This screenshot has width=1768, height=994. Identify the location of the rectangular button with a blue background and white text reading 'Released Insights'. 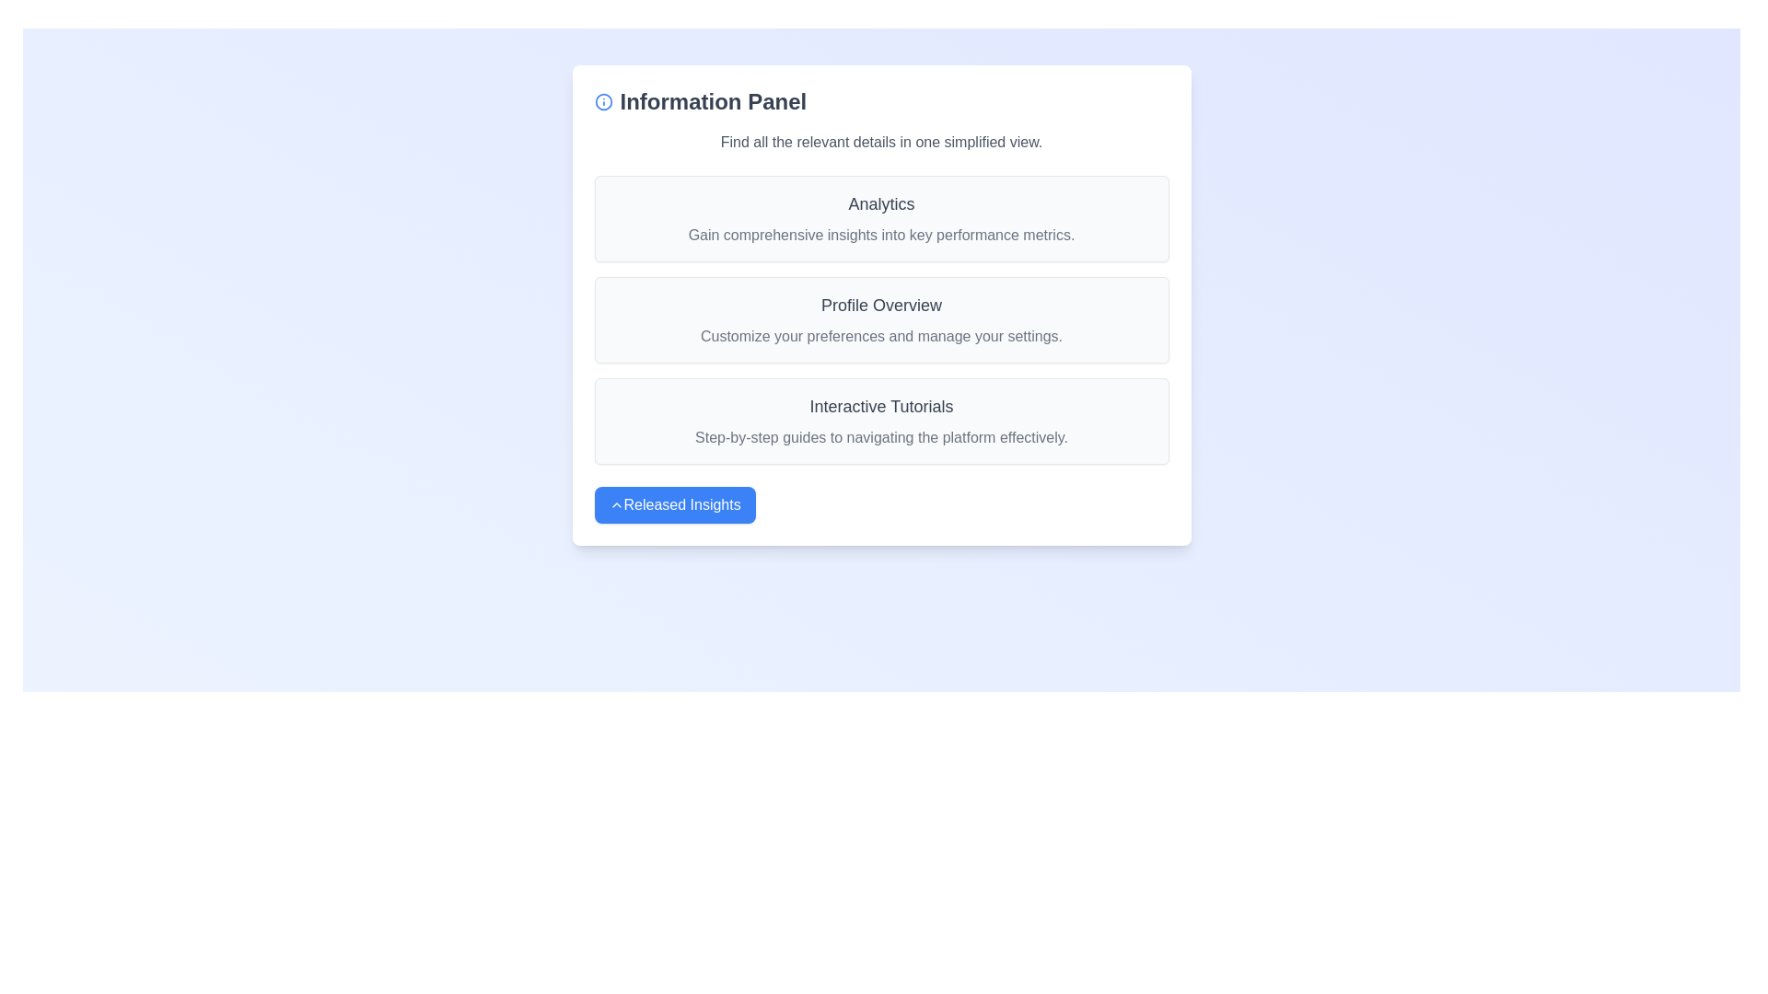
(674, 504).